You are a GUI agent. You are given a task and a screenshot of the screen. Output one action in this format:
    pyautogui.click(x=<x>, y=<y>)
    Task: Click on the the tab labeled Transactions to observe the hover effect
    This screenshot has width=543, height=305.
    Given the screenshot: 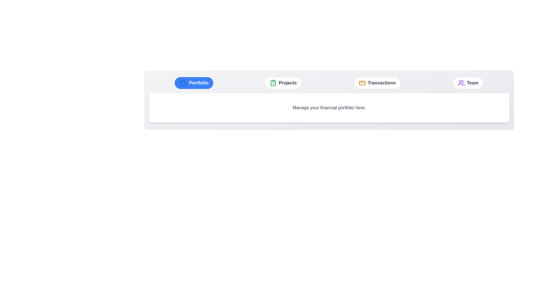 What is the action you would take?
    pyautogui.click(x=377, y=83)
    